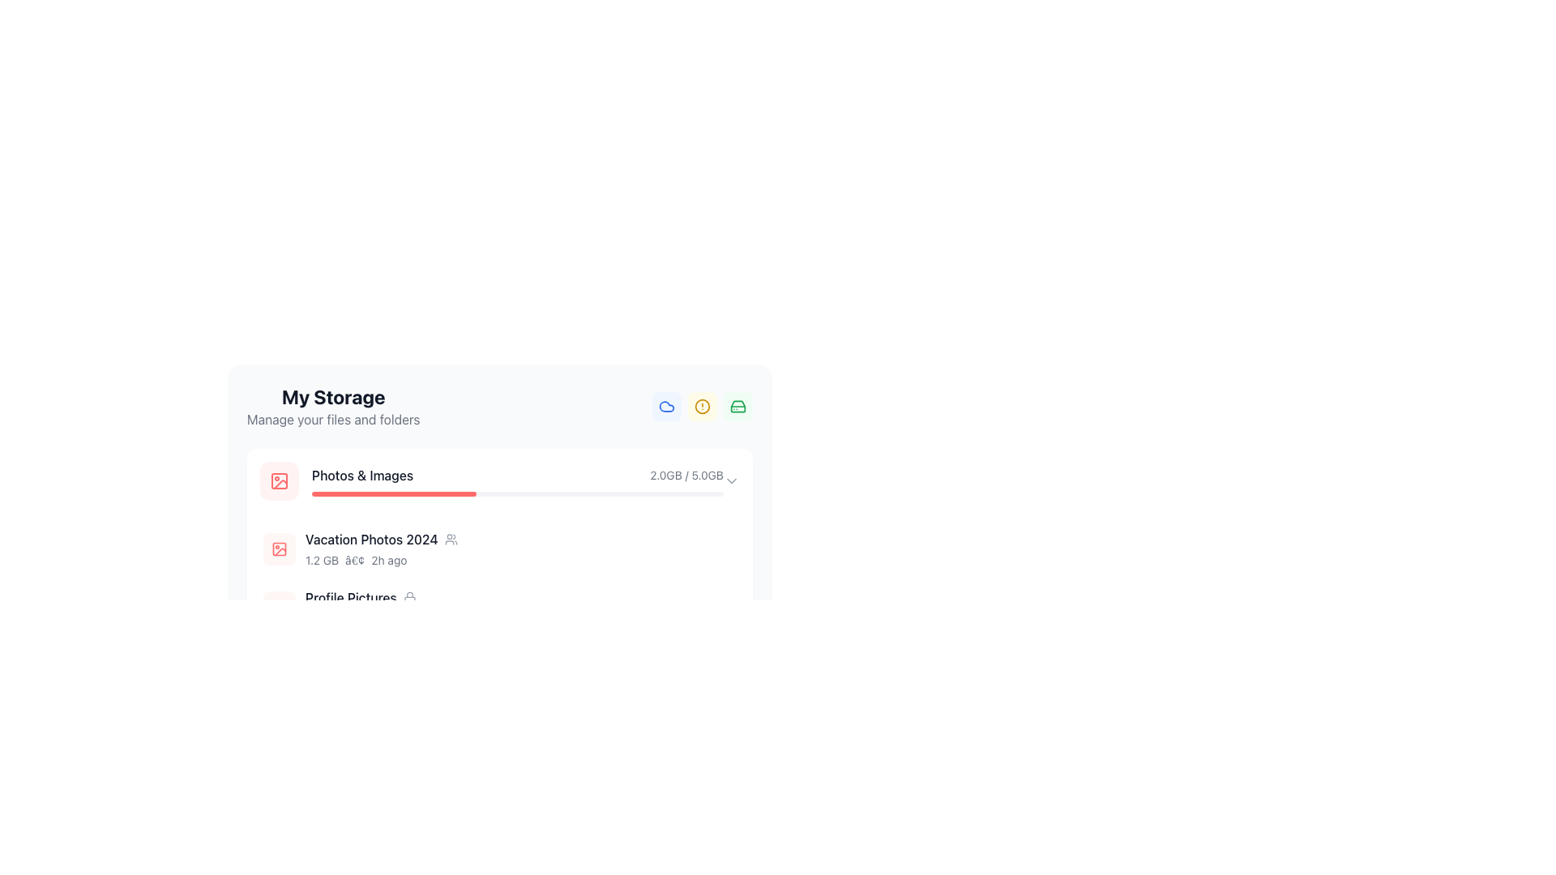 The height and width of the screenshot is (875, 1556). Describe the element at coordinates (280, 548) in the screenshot. I see `the decorative rectangle within the icon associated with the 'Photos & Images' list item` at that location.